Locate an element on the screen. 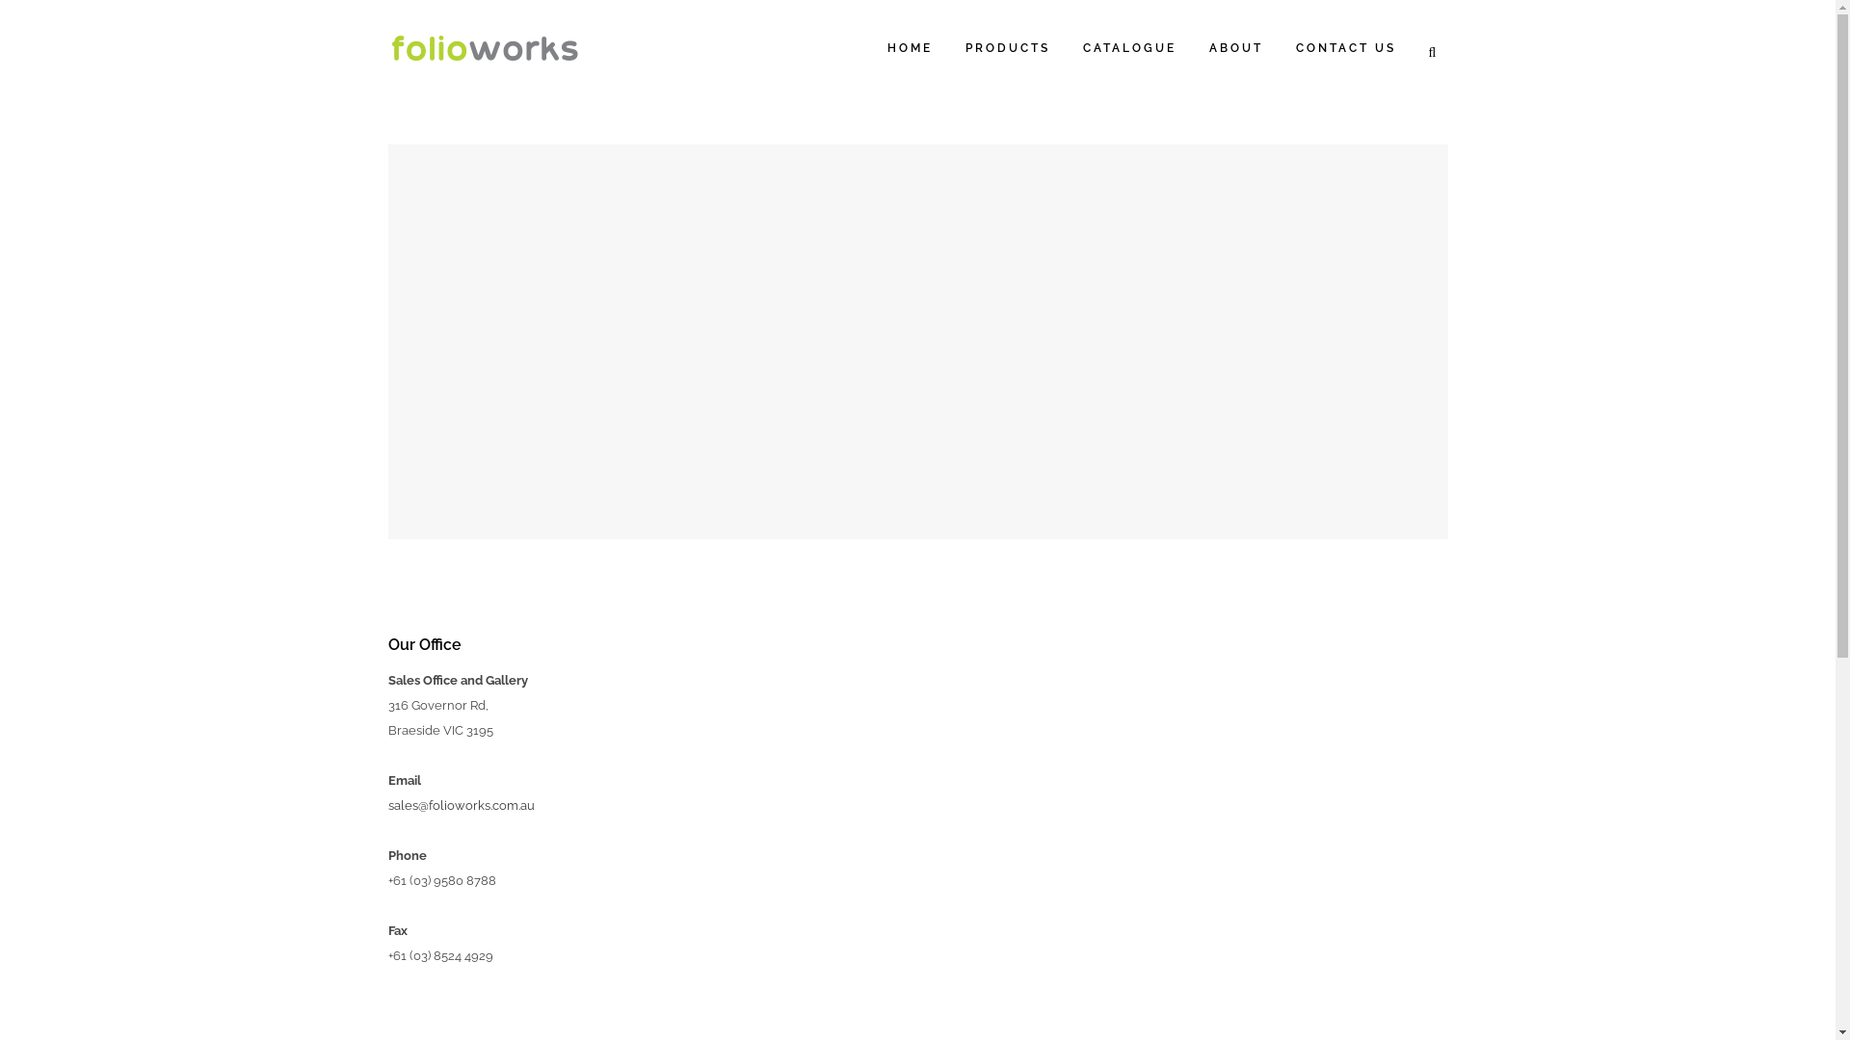 This screenshot has height=1040, width=1850. 'HOME' is located at coordinates (869, 47).